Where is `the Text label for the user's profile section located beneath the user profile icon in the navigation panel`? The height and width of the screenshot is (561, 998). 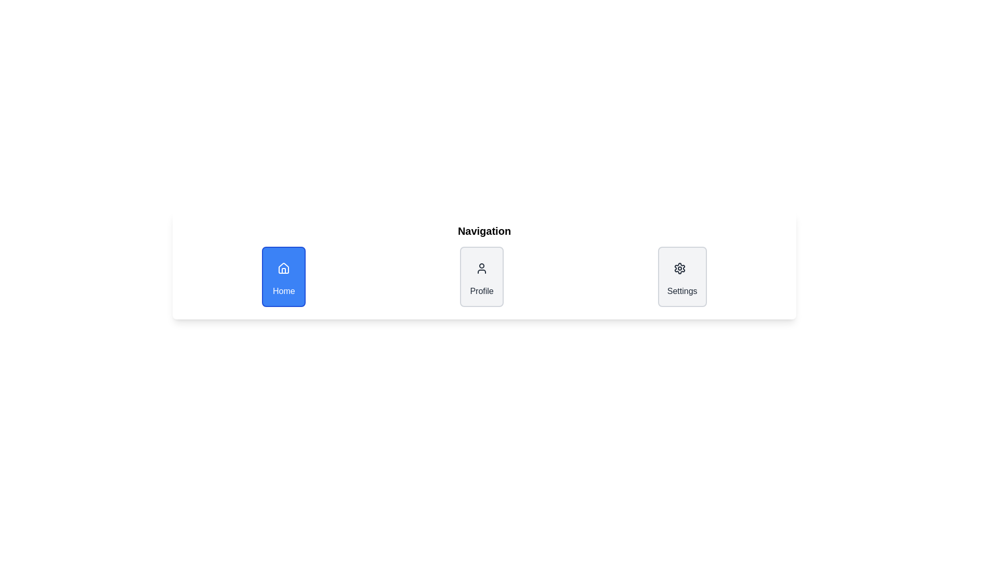
the Text label for the user's profile section located beneath the user profile icon in the navigation panel is located at coordinates (481, 290).